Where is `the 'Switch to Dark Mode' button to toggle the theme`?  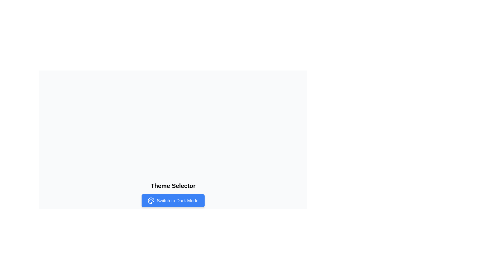
the 'Switch to Dark Mode' button to toggle the theme is located at coordinates (173, 200).